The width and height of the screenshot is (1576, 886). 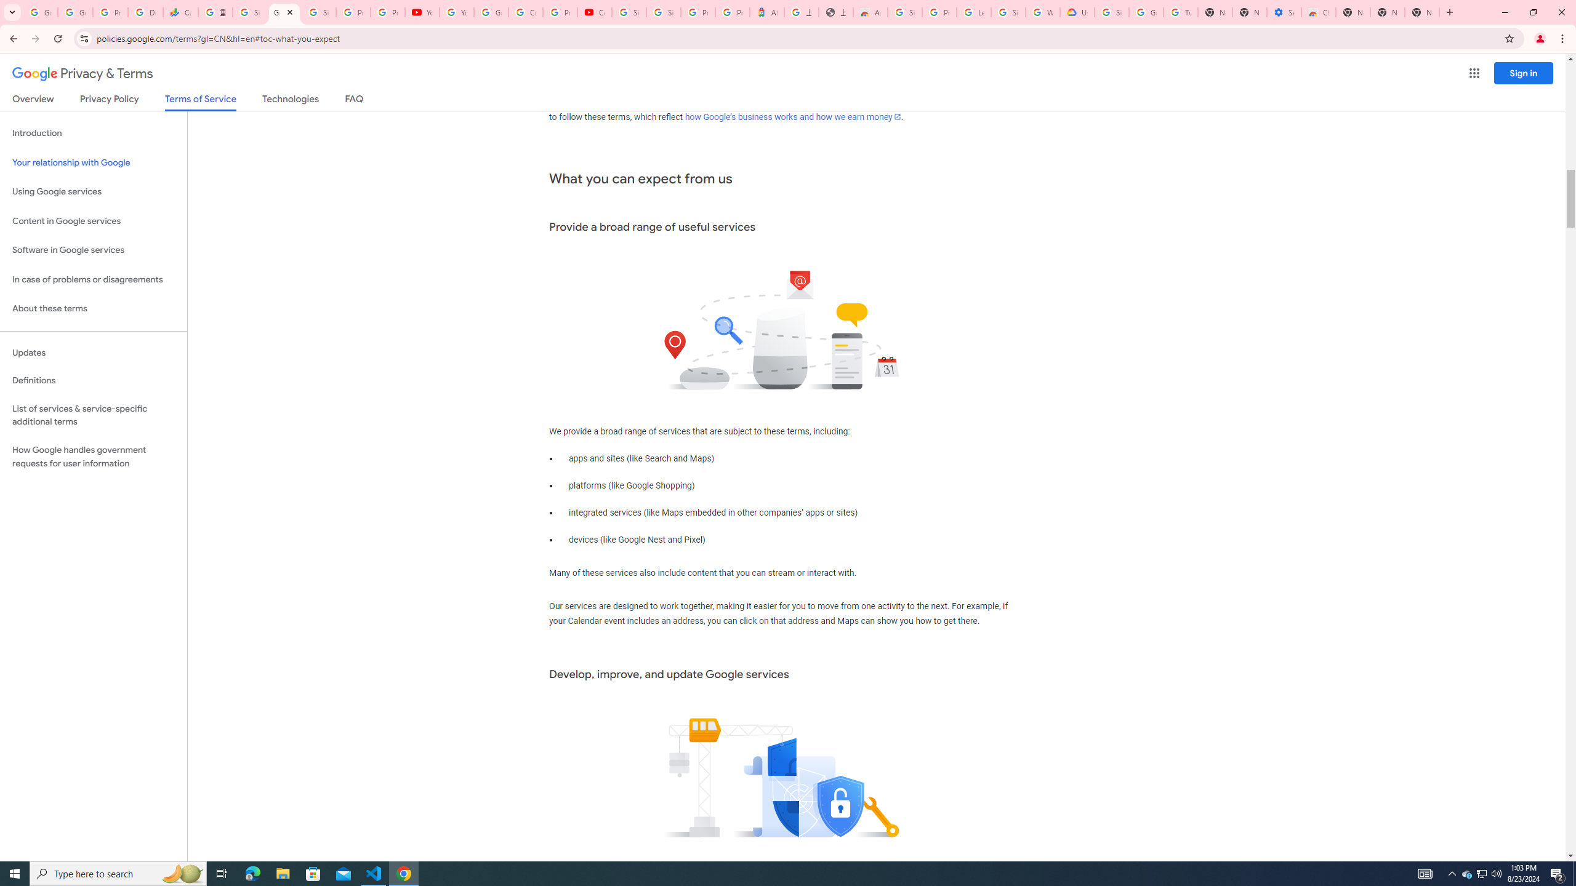 I want to click on 'New Tab', so click(x=1422, y=12).